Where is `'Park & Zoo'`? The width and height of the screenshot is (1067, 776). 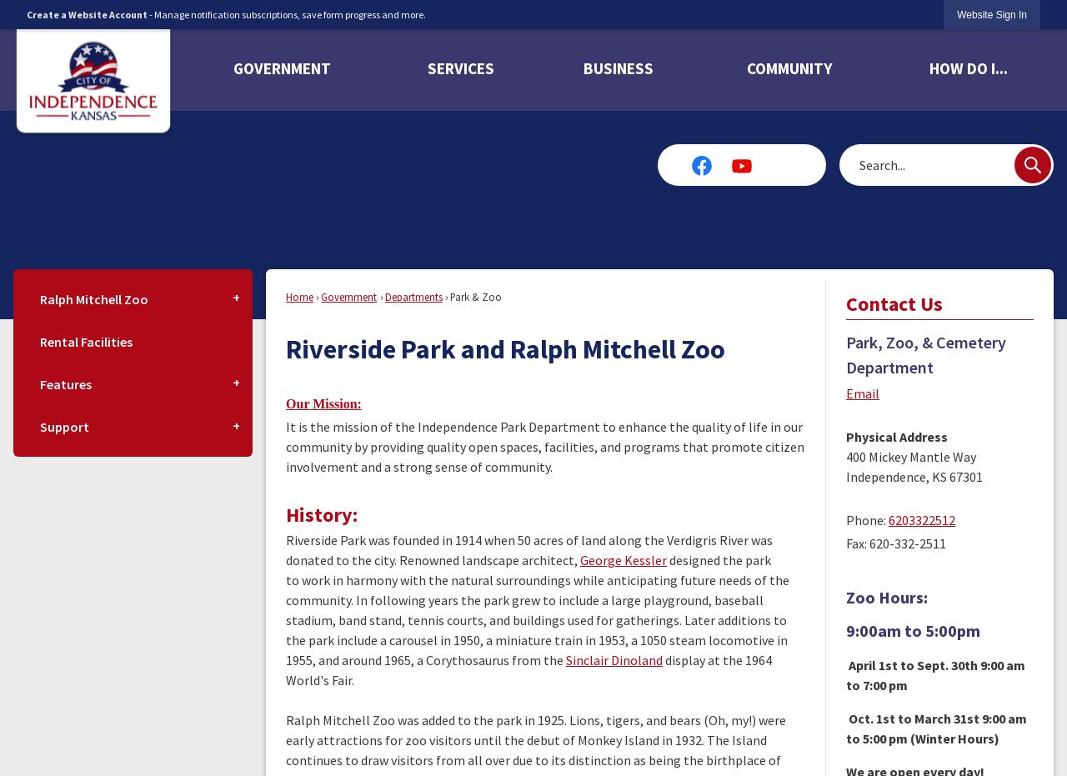
'Park & Zoo' is located at coordinates (475, 297).